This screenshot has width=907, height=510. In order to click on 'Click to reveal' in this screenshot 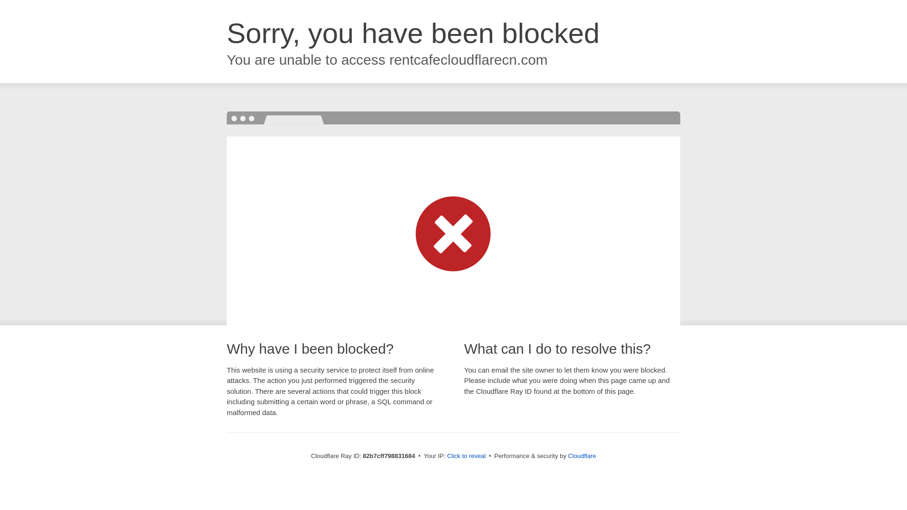, I will do `click(466, 455)`.